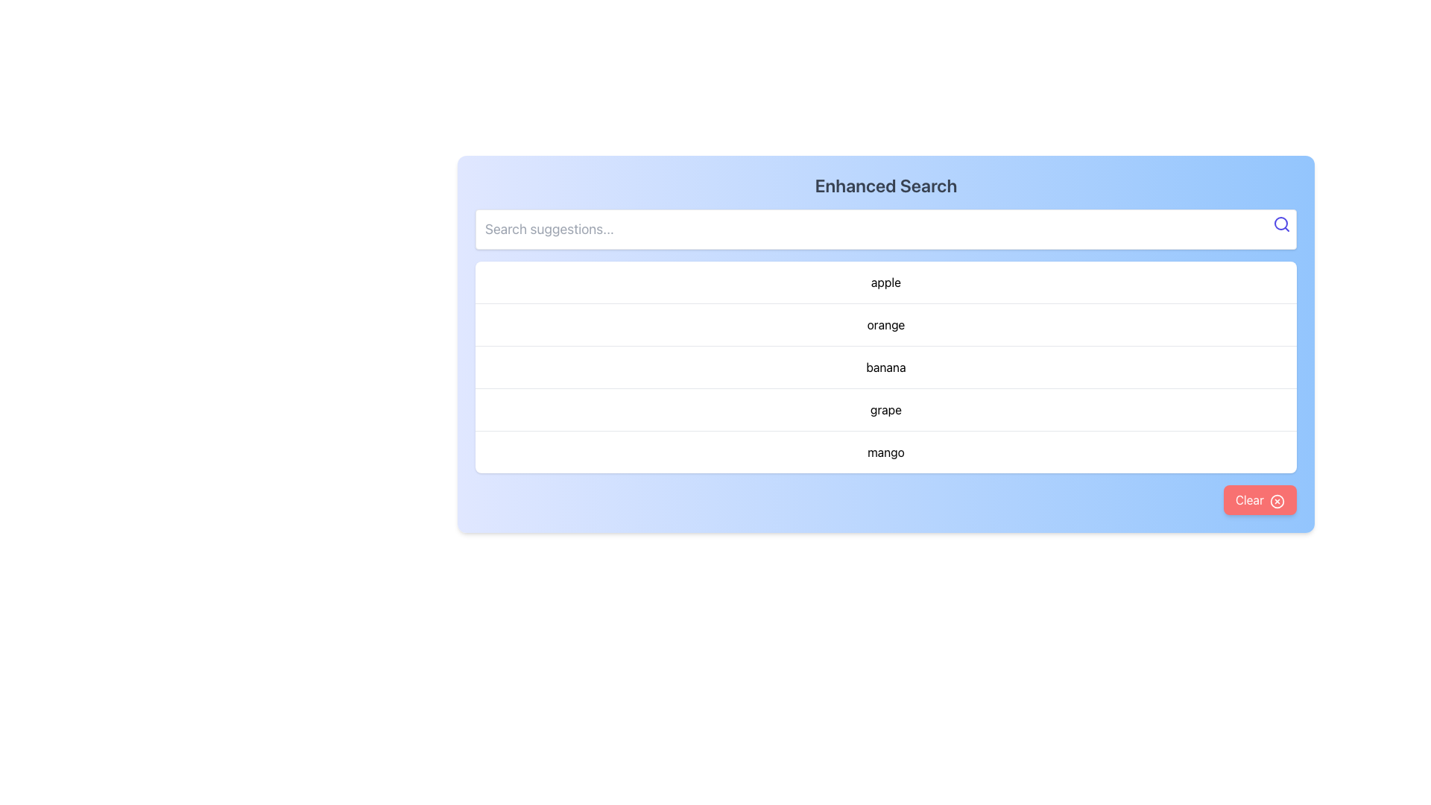 The image size is (1431, 805). What do you see at coordinates (886, 451) in the screenshot?
I see `the selectable list item displaying the word 'mango', which is the last item in a vertical list of options` at bounding box center [886, 451].